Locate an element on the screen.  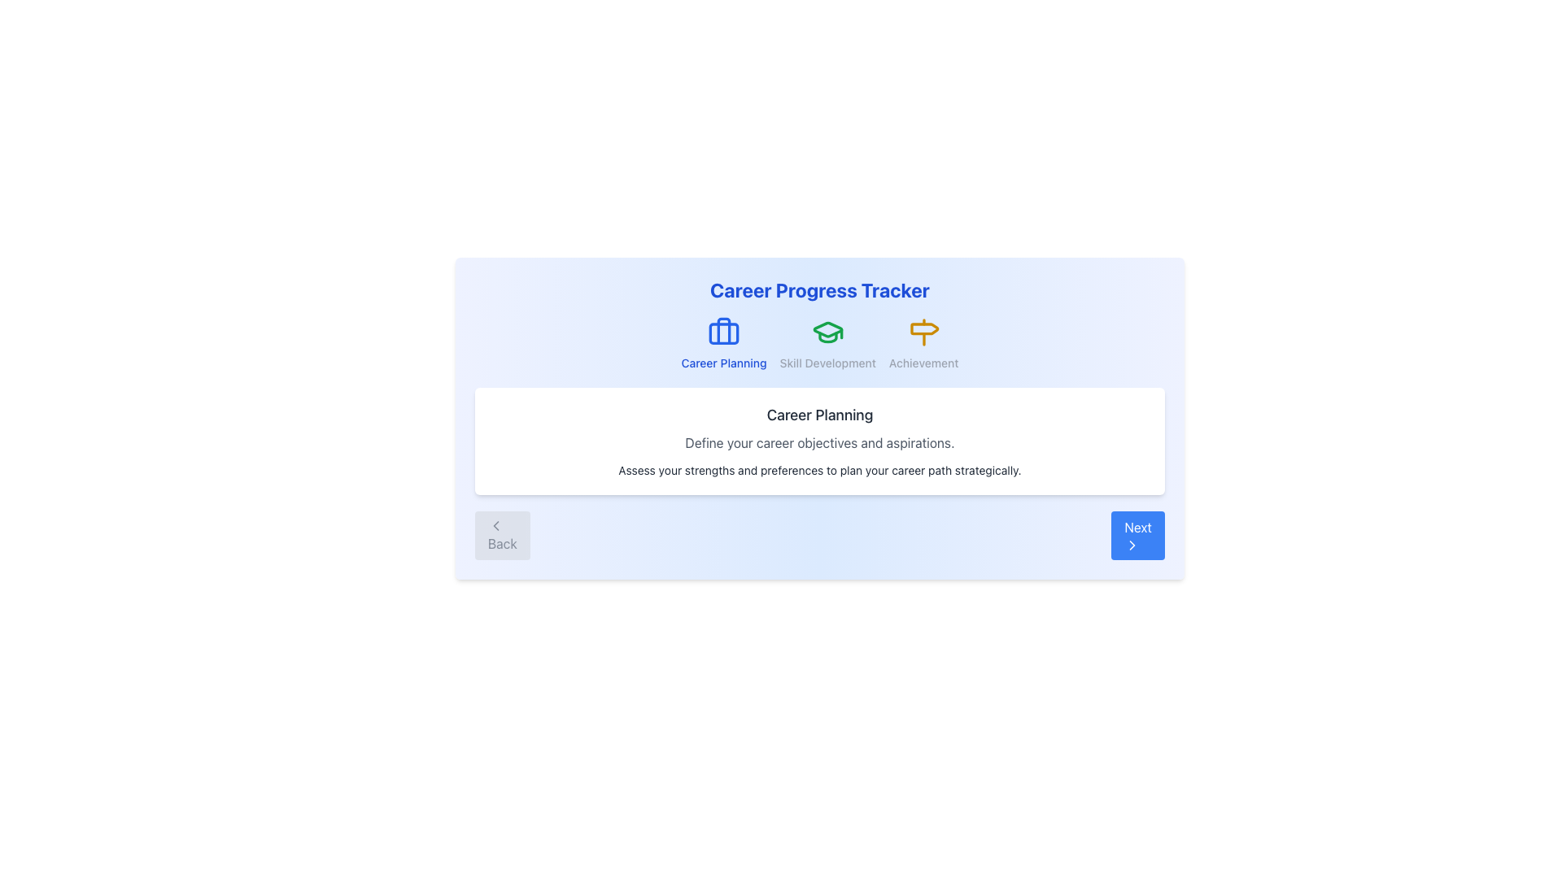
the right-chevron icon inside the 'Next' button located at the bottom right of the interface for visual feedback is located at coordinates (1132, 545).